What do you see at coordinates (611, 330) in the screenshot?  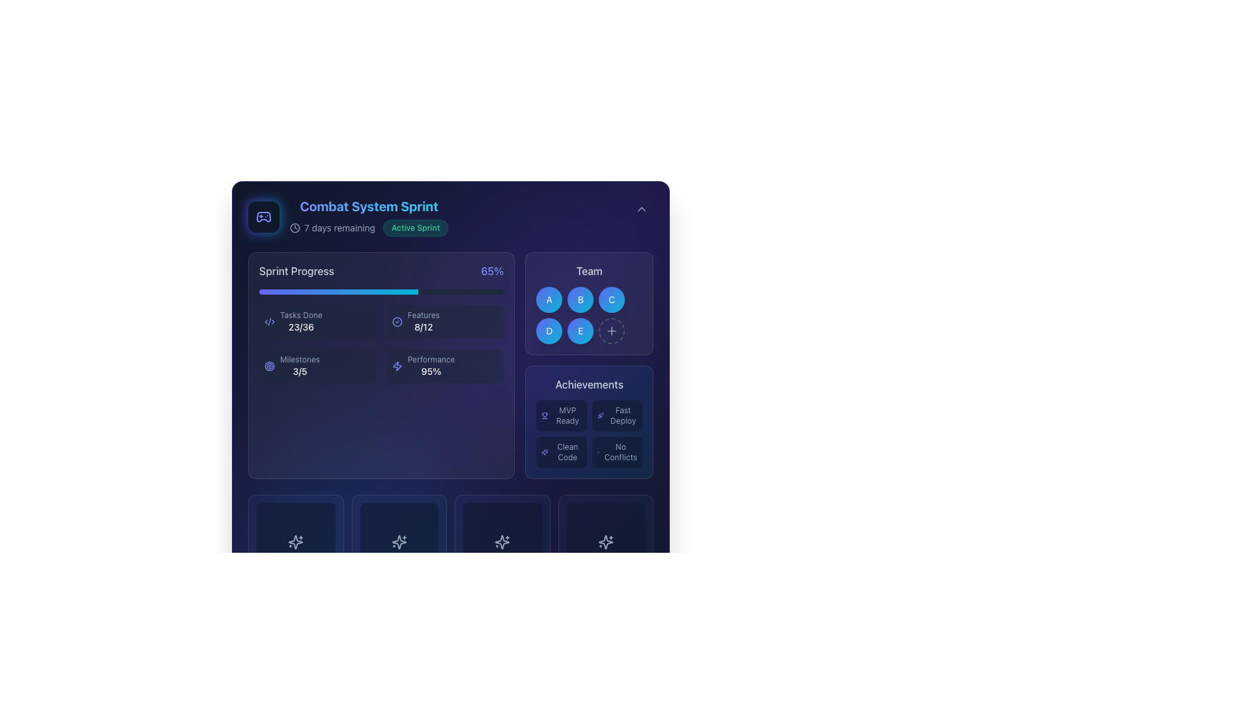 I see `the circular button with a dashed border that adds new members, located at the bottom of the 'Team' section grid` at bounding box center [611, 330].